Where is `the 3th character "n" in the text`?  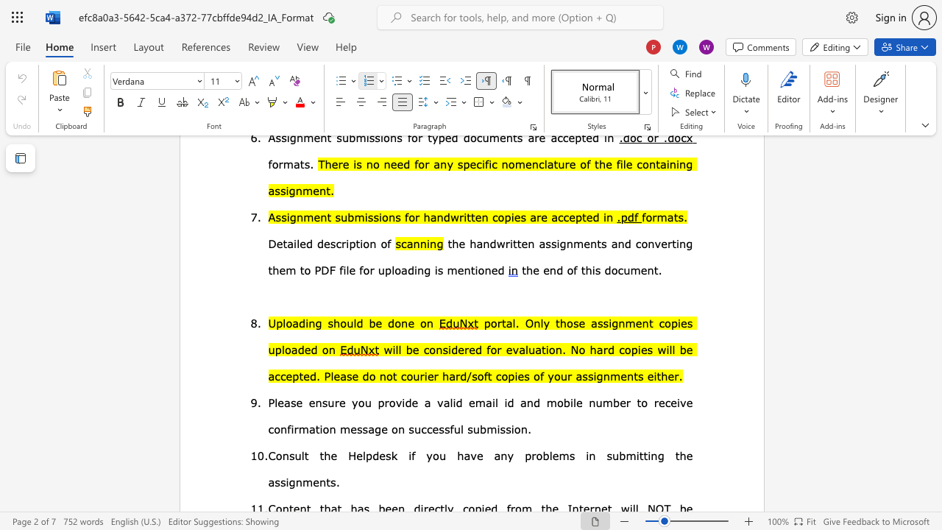
the 3th character "n" in the text is located at coordinates (592, 402).